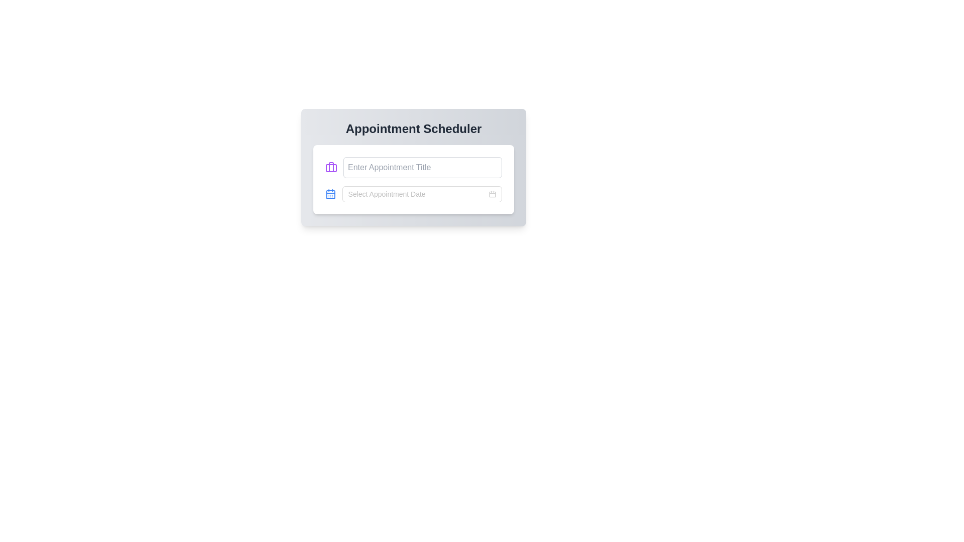  Describe the element at coordinates (331, 167) in the screenshot. I see `the icon that indicates the expected input type for the associated text field, which is the first element in a horizontally aligned group` at that location.